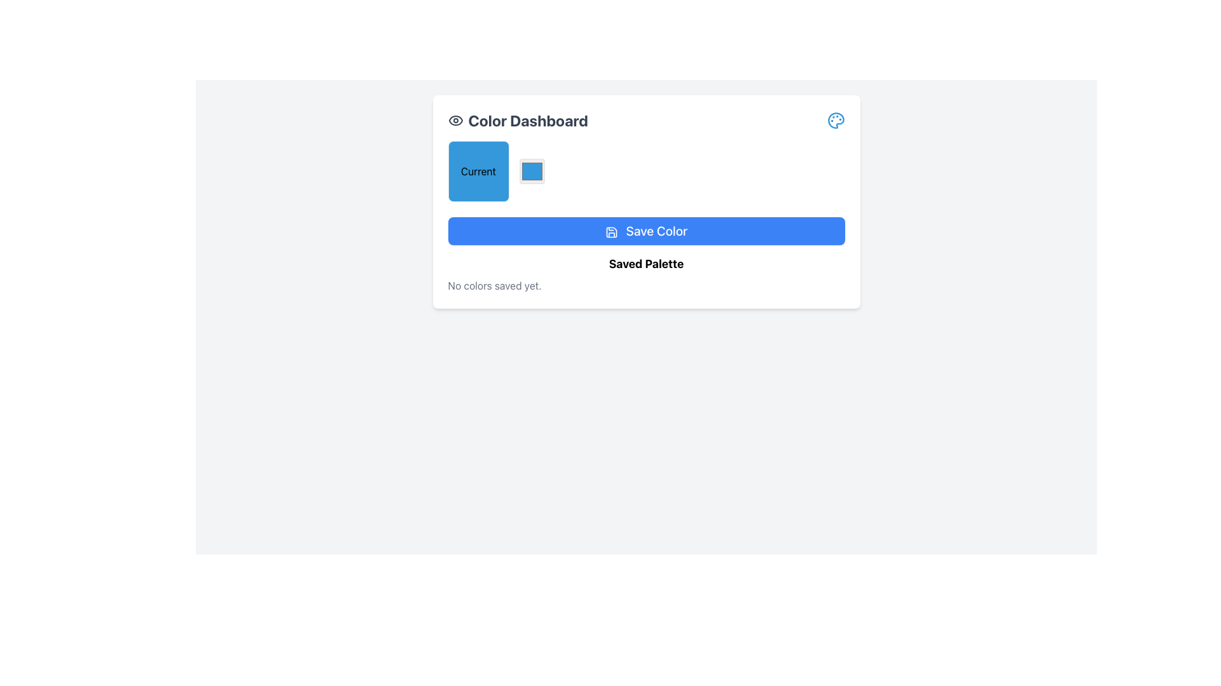 The height and width of the screenshot is (686, 1221). I want to click on the gray text label stating 'No colors saved yet.' located at the bottom-left of the 'Saved Palette' section, so click(493, 286).